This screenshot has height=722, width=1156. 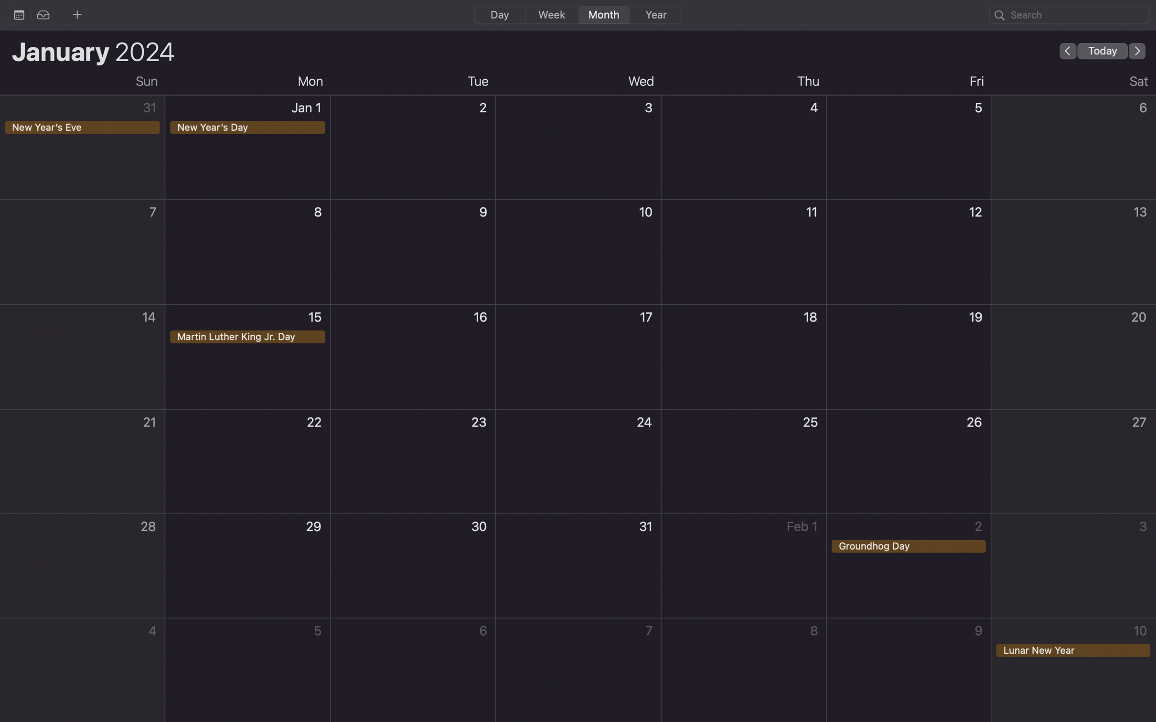 I want to click on up an event for the 22nd of January, so click(x=247, y=462).